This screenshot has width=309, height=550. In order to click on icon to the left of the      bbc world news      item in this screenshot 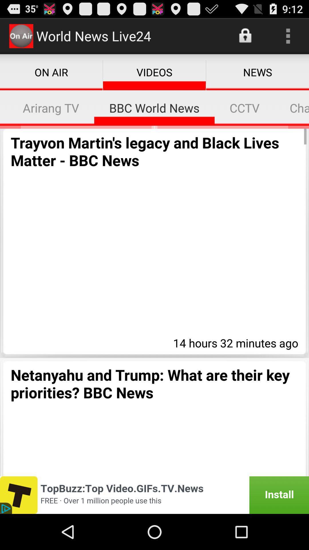, I will do `click(51, 108)`.